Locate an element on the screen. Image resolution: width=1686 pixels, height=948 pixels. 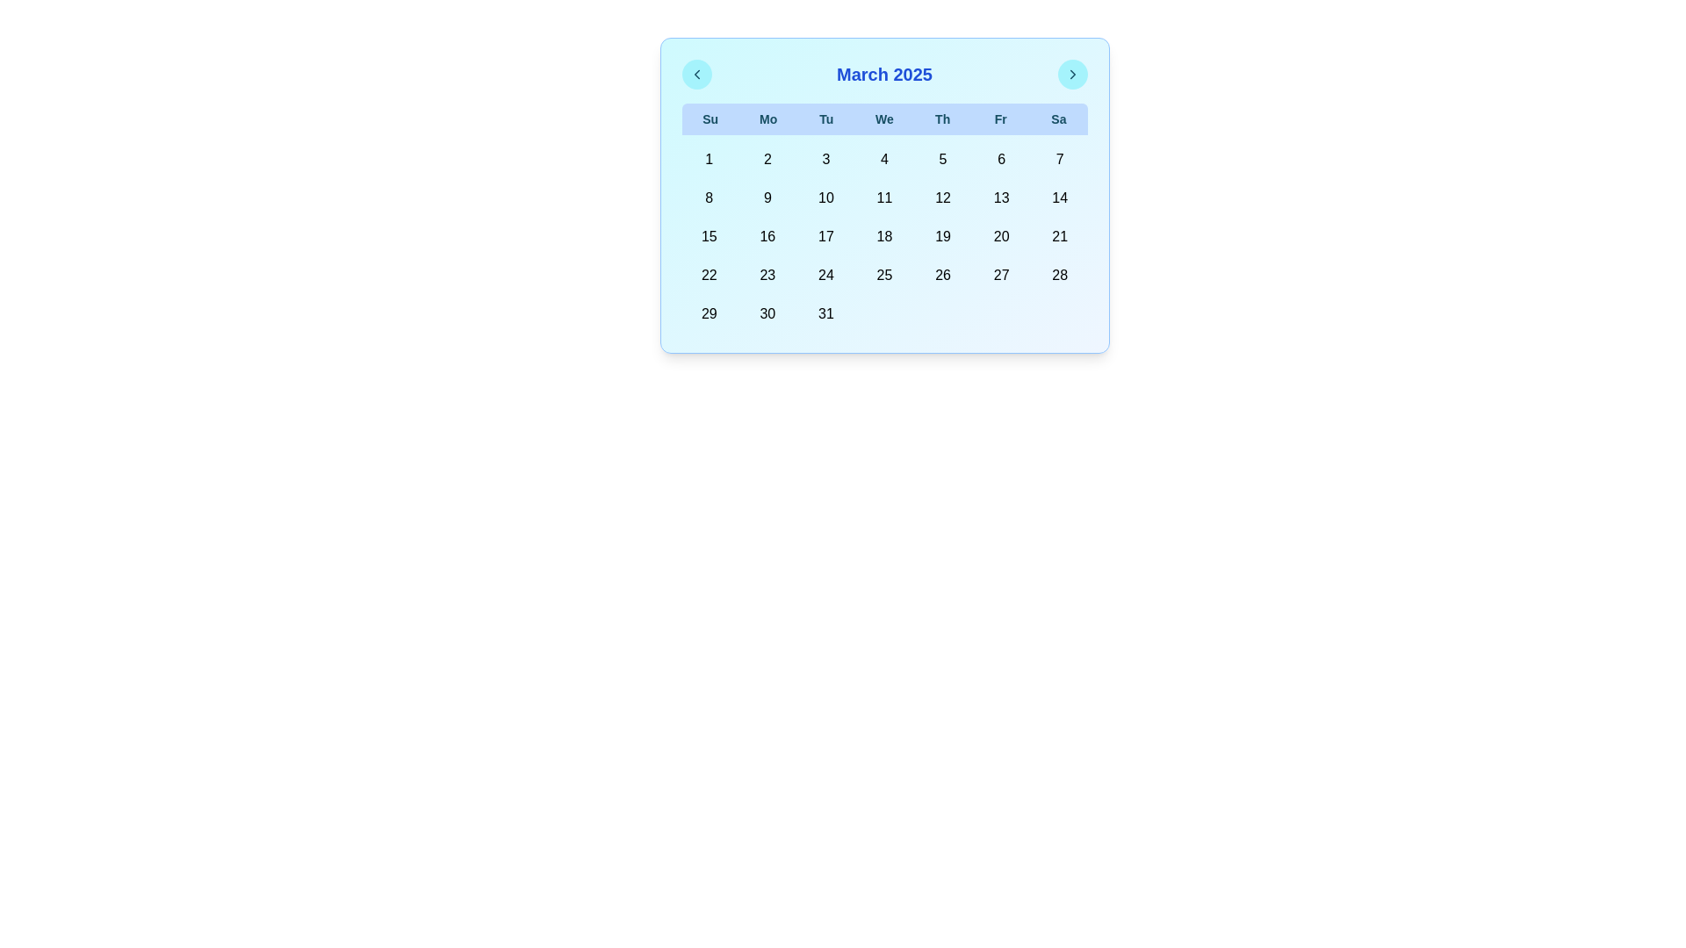
the Interactive calendar date button representing the 8th day of the month is located at coordinates (709, 197).